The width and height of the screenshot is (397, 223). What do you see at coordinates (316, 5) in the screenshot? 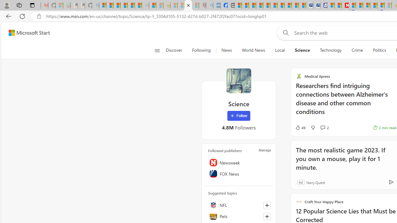
I see `'Cheap Hotels - Save70.com'` at bounding box center [316, 5].